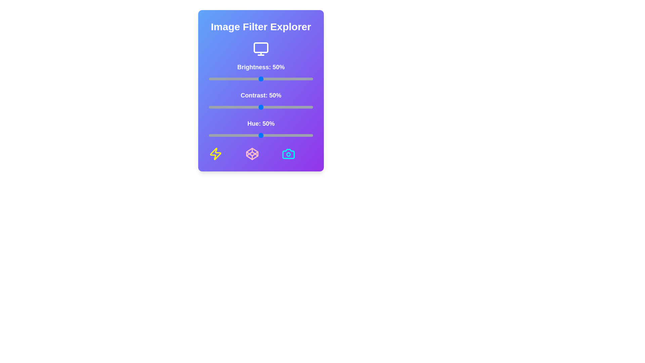  Describe the element at coordinates (220, 107) in the screenshot. I see `the contrast slider to 11%` at that location.